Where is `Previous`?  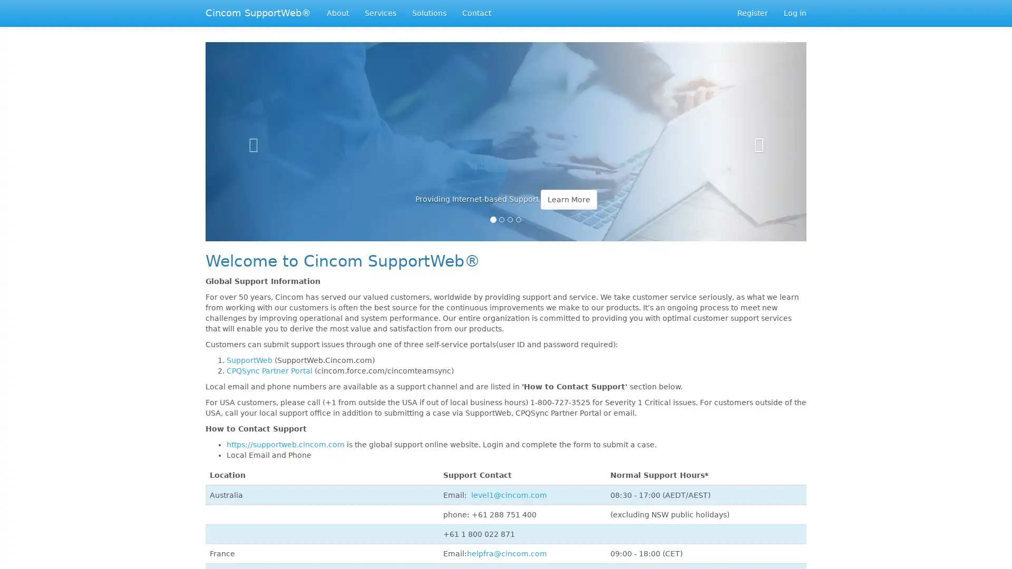
Previous is located at coordinates (250, 141).